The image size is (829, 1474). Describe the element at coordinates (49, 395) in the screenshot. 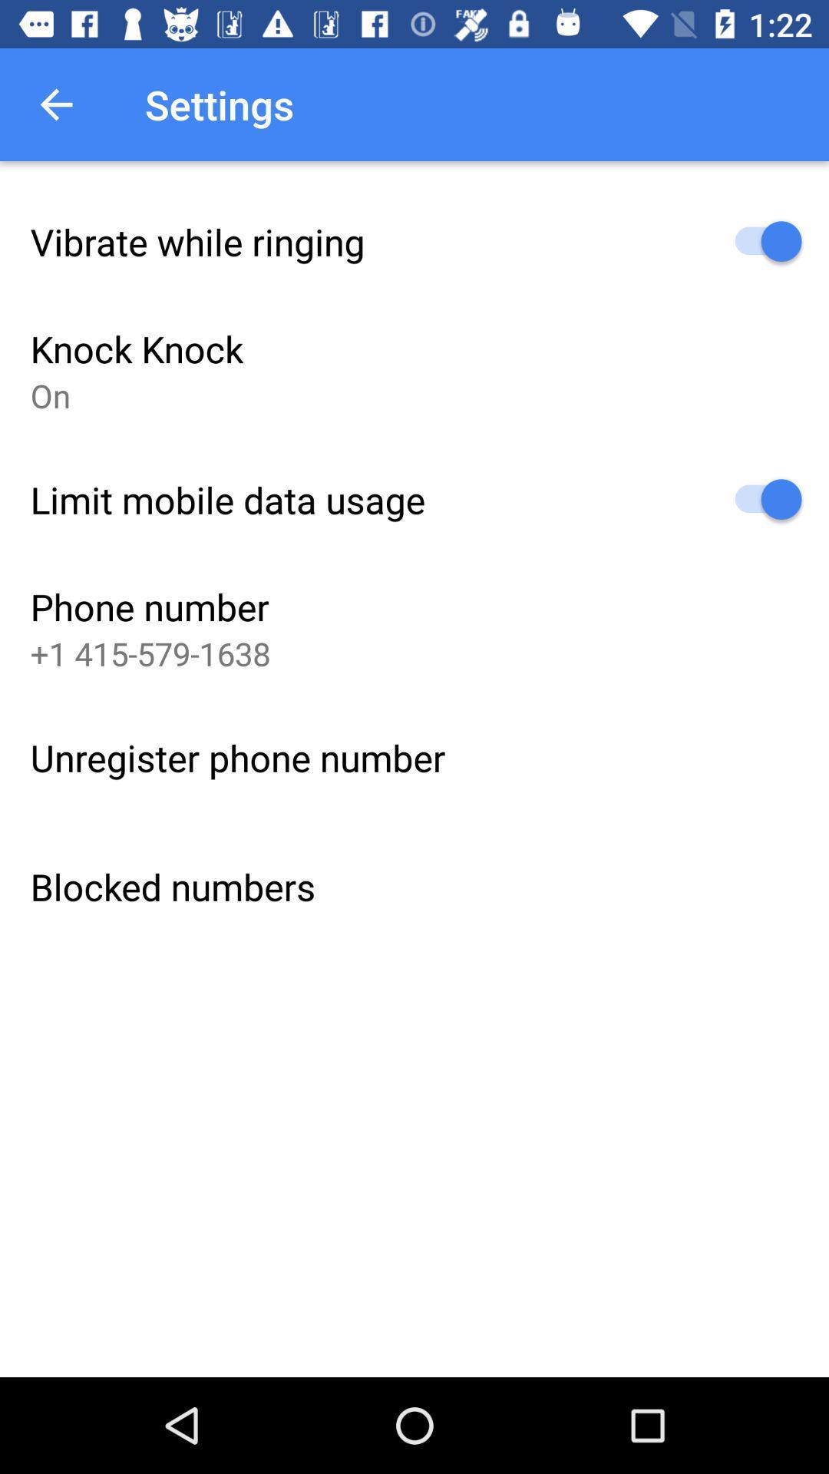

I see `item above the limit mobile data` at that location.